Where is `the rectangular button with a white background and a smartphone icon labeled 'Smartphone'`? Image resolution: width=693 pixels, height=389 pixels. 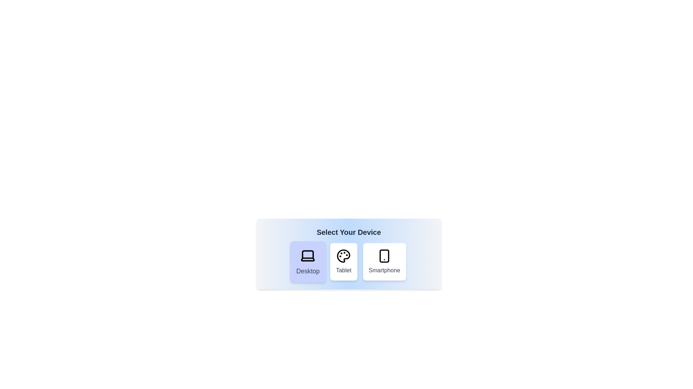 the rectangular button with a white background and a smartphone icon labeled 'Smartphone' is located at coordinates (384, 261).